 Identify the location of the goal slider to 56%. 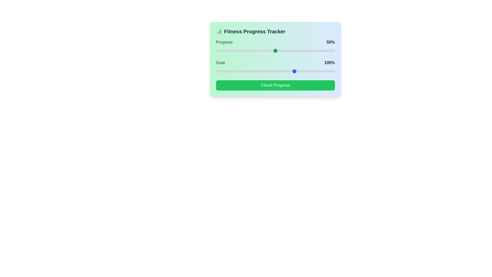
(223, 71).